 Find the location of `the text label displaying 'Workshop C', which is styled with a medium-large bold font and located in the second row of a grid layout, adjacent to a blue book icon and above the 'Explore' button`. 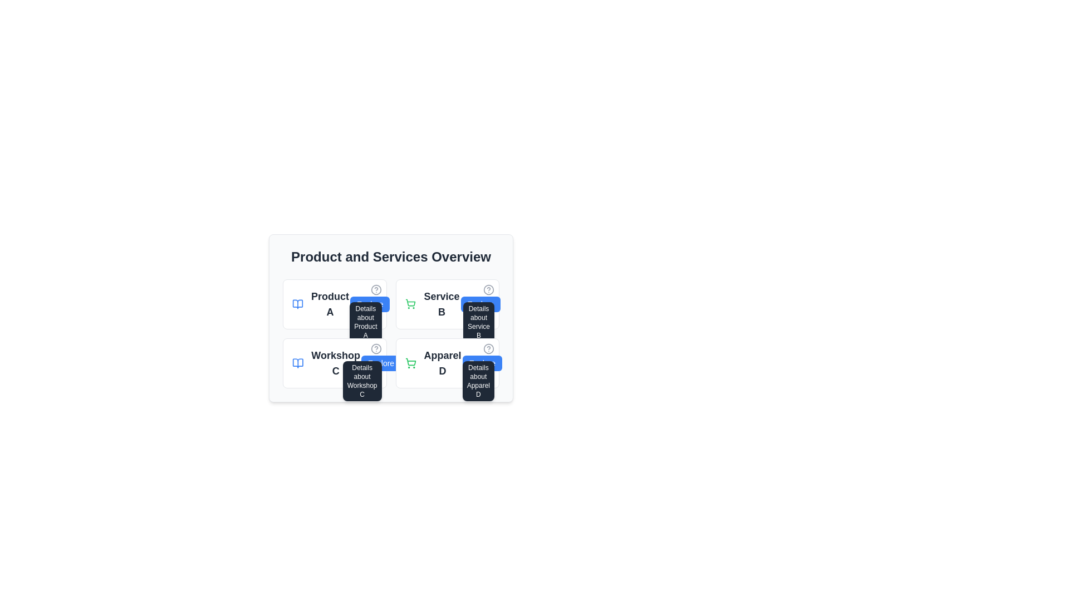

the text label displaying 'Workshop C', which is styled with a medium-large bold font and located in the second row of a grid layout, adjacent to a blue book icon and above the 'Explore' button is located at coordinates (326, 363).